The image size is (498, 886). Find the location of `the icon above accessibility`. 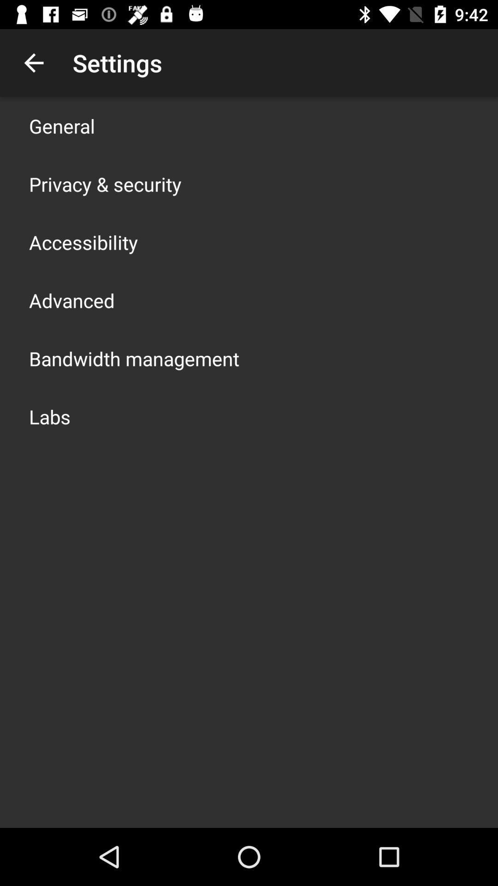

the icon above accessibility is located at coordinates (105, 184).